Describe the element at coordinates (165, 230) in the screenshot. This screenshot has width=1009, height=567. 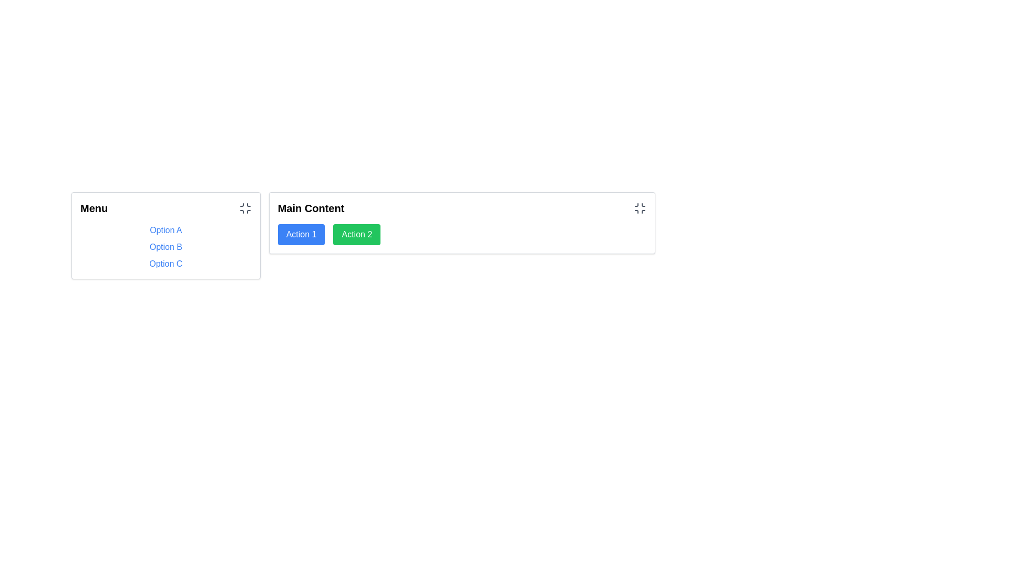
I see `the navigational link labeled 'Option A' located at the top of the vertical list in the 'Menu' on the left panel` at that location.